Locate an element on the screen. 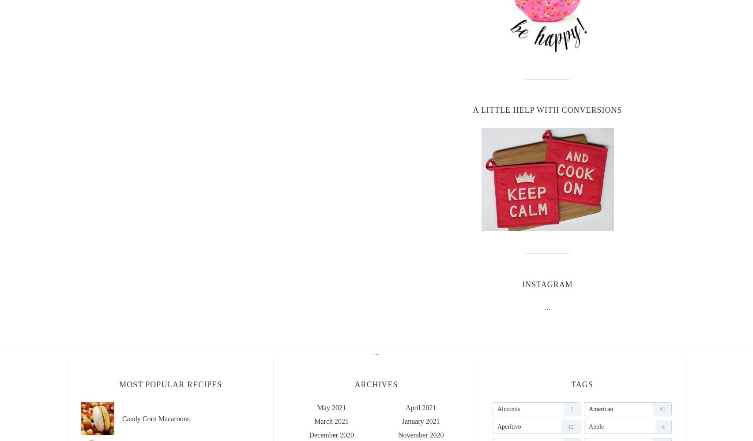  '45' is located at coordinates (658, 409).